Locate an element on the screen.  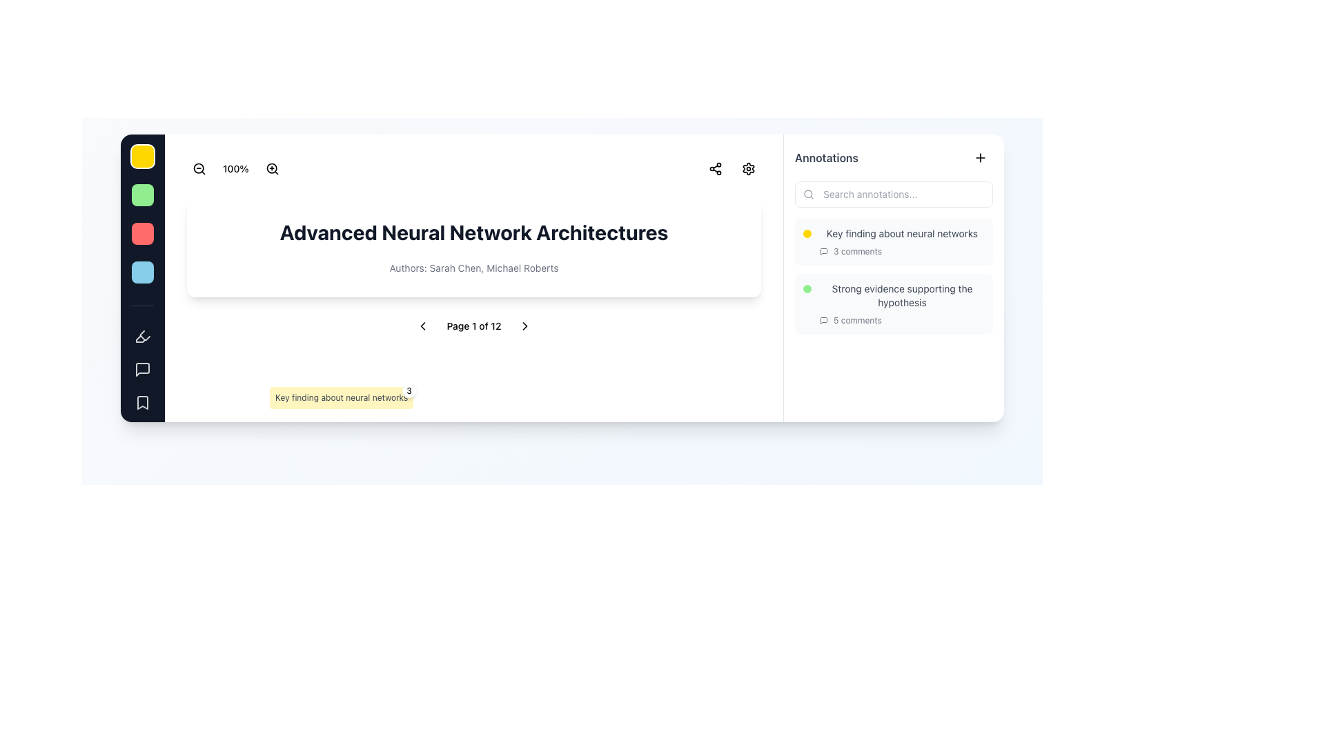
the left-facing chevron icon within the button located near the bottom-left of the central content area is located at coordinates (422, 326).